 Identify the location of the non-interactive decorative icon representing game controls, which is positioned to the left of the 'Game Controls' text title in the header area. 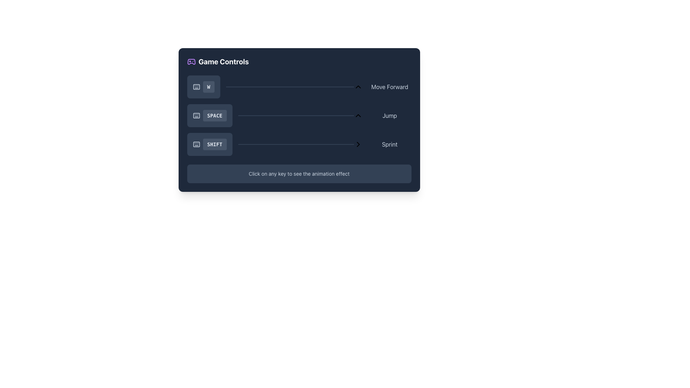
(191, 61).